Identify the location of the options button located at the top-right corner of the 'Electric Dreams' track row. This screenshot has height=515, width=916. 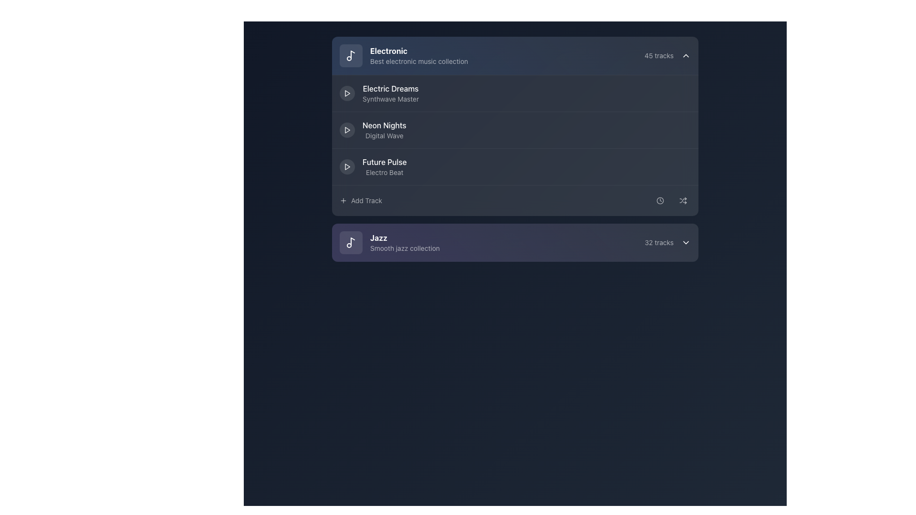
(682, 93).